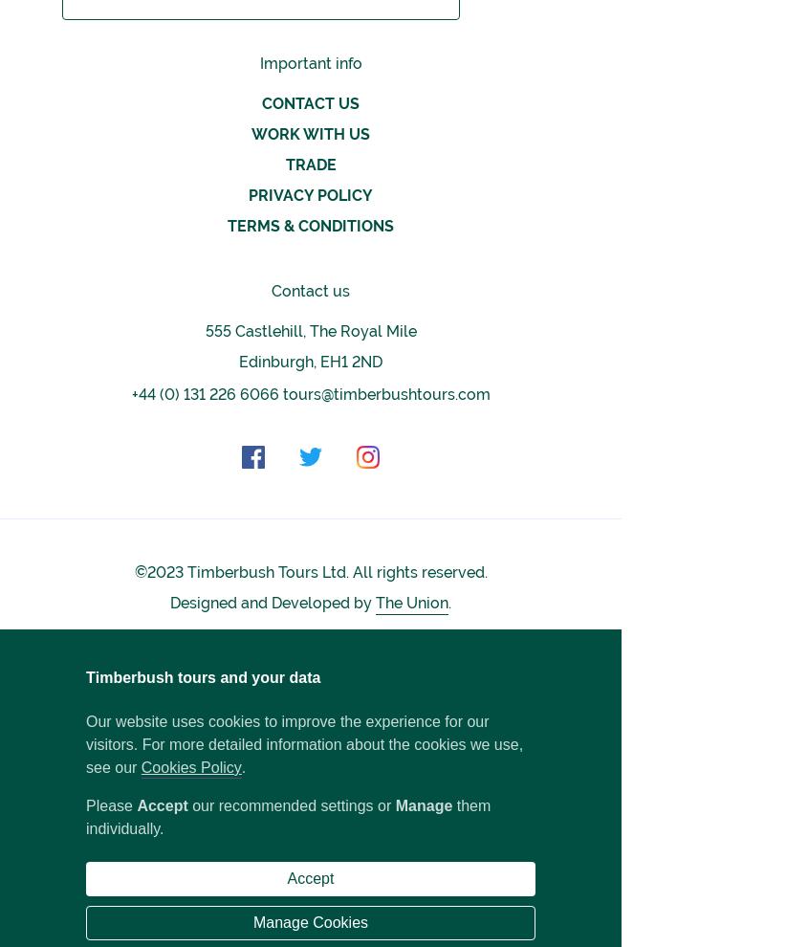 This screenshot has width=808, height=947. Describe the element at coordinates (310, 132) in the screenshot. I see `'Work with Us'` at that location.